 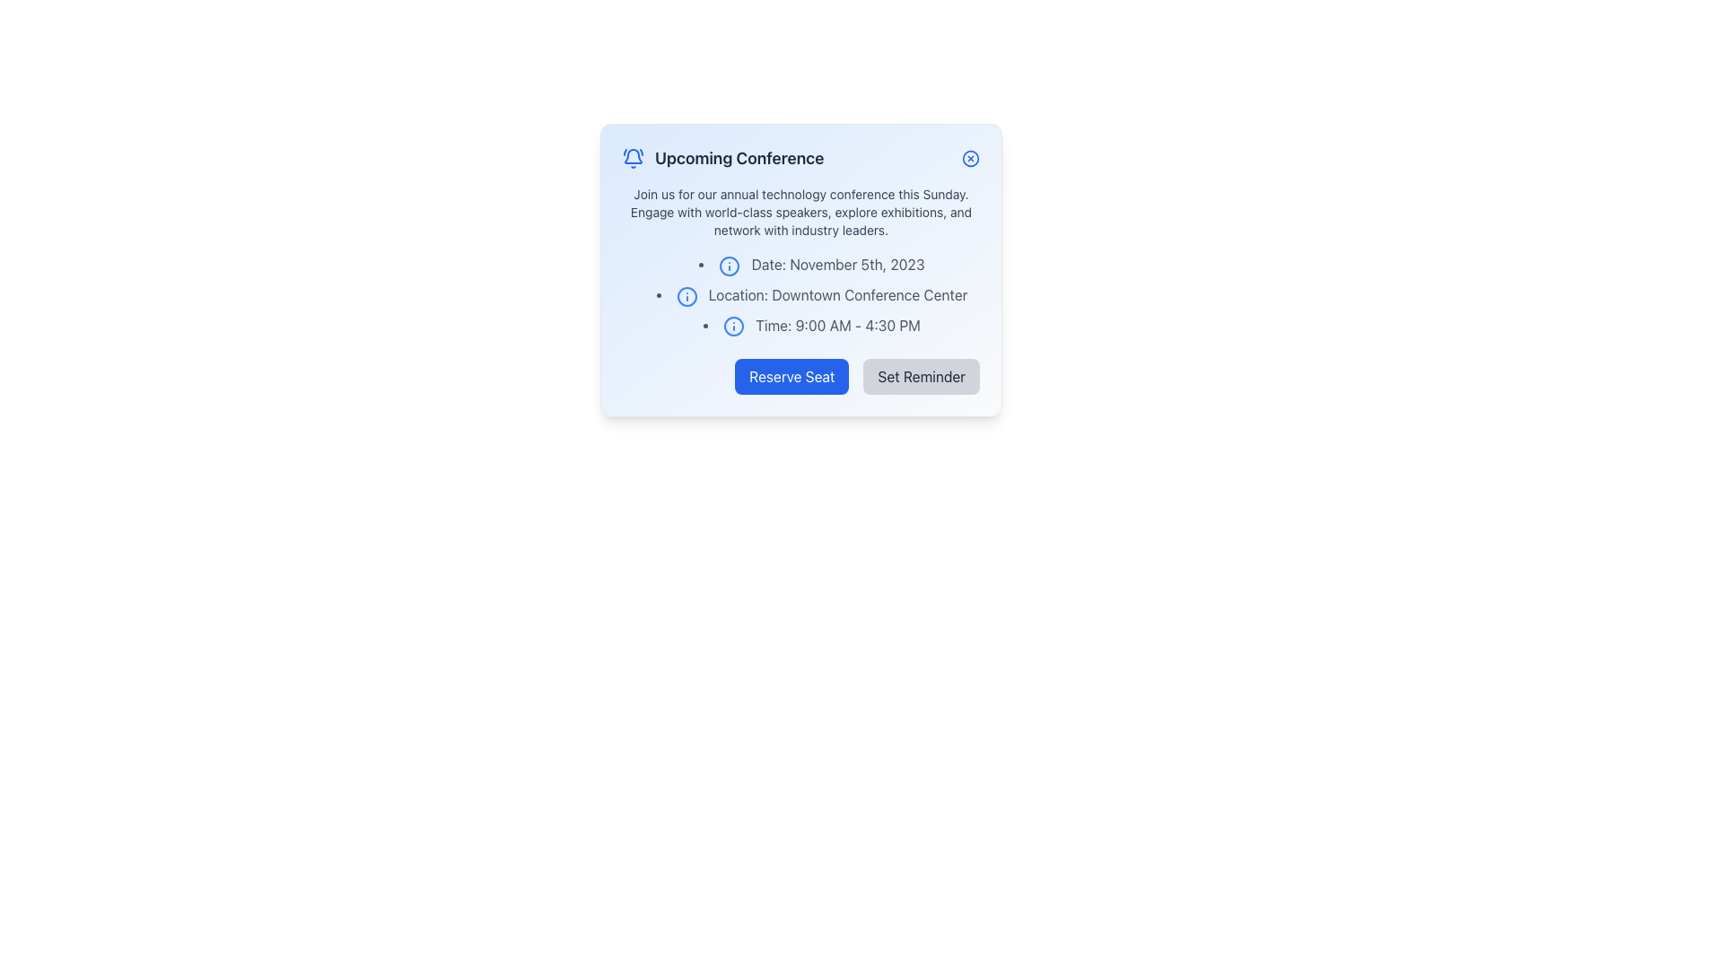 I want to click on the button with rounded corners, blue background, and white text reading 'Reserve Seat' to reserve a seat, so click(x=791, y=376).